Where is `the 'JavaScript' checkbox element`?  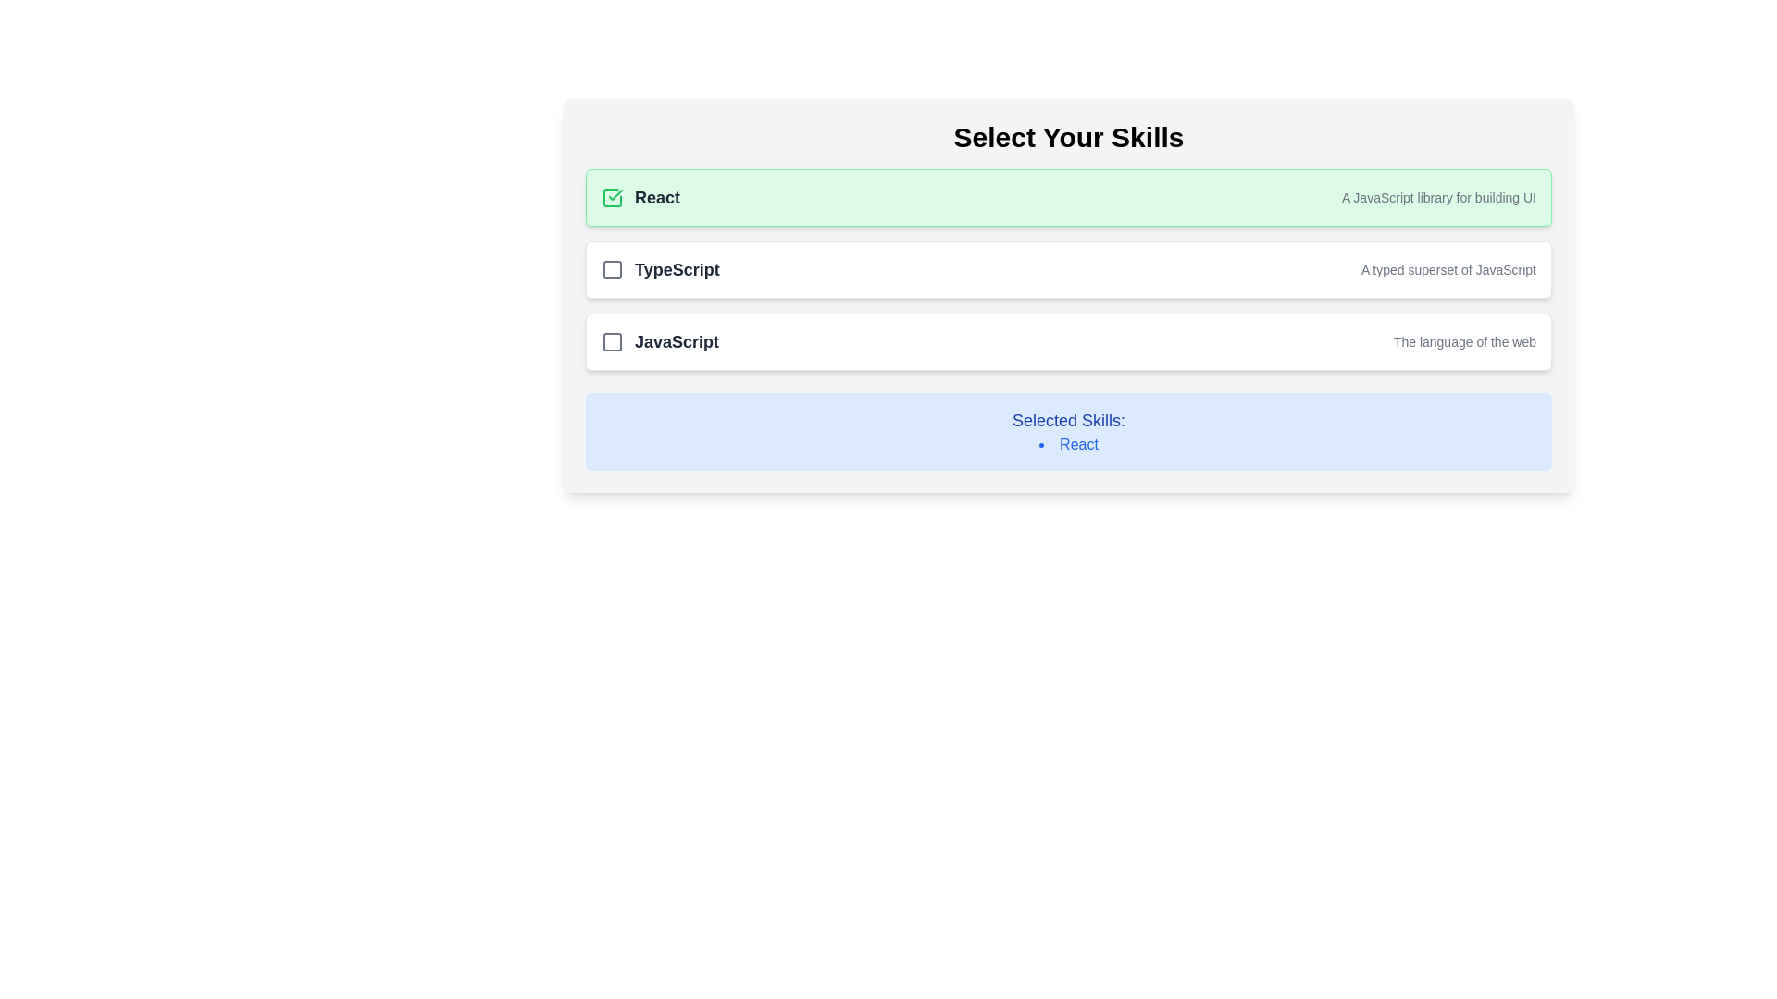 the 'JavaScript' checkbox element is located at coordinates (660, 342).